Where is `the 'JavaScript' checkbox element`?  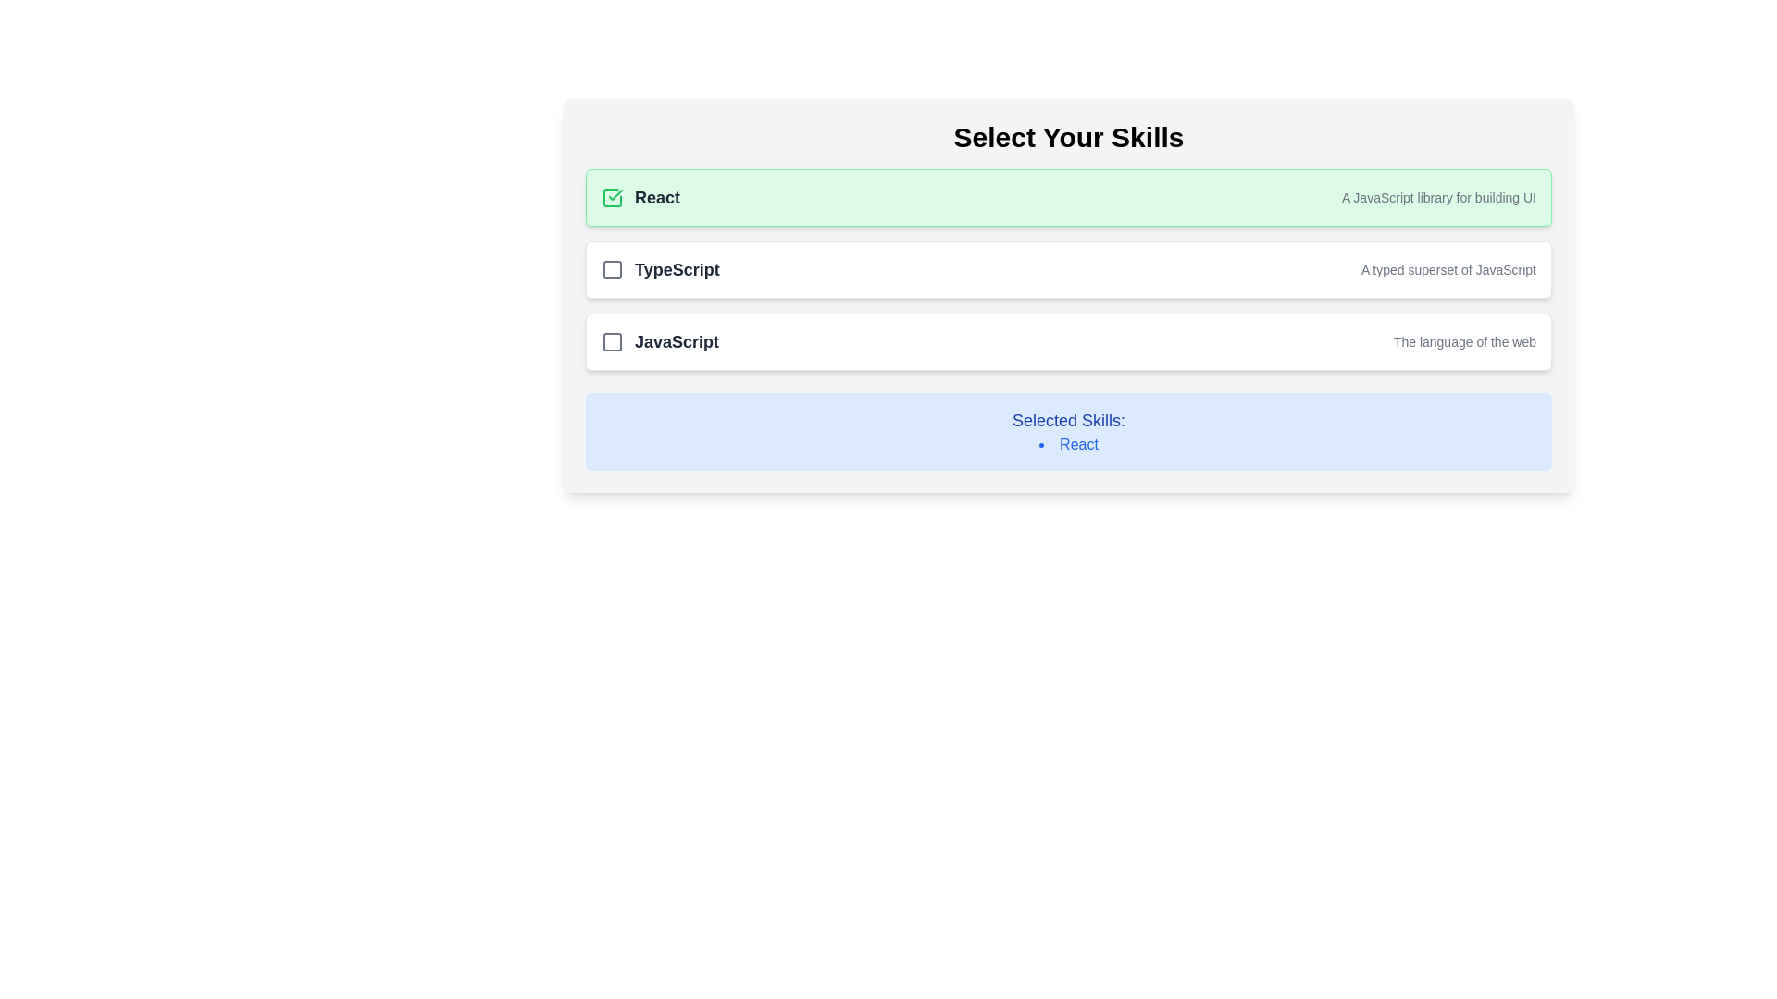 the 'JavaScript' checkbox element is located at coordinates (660, 342).